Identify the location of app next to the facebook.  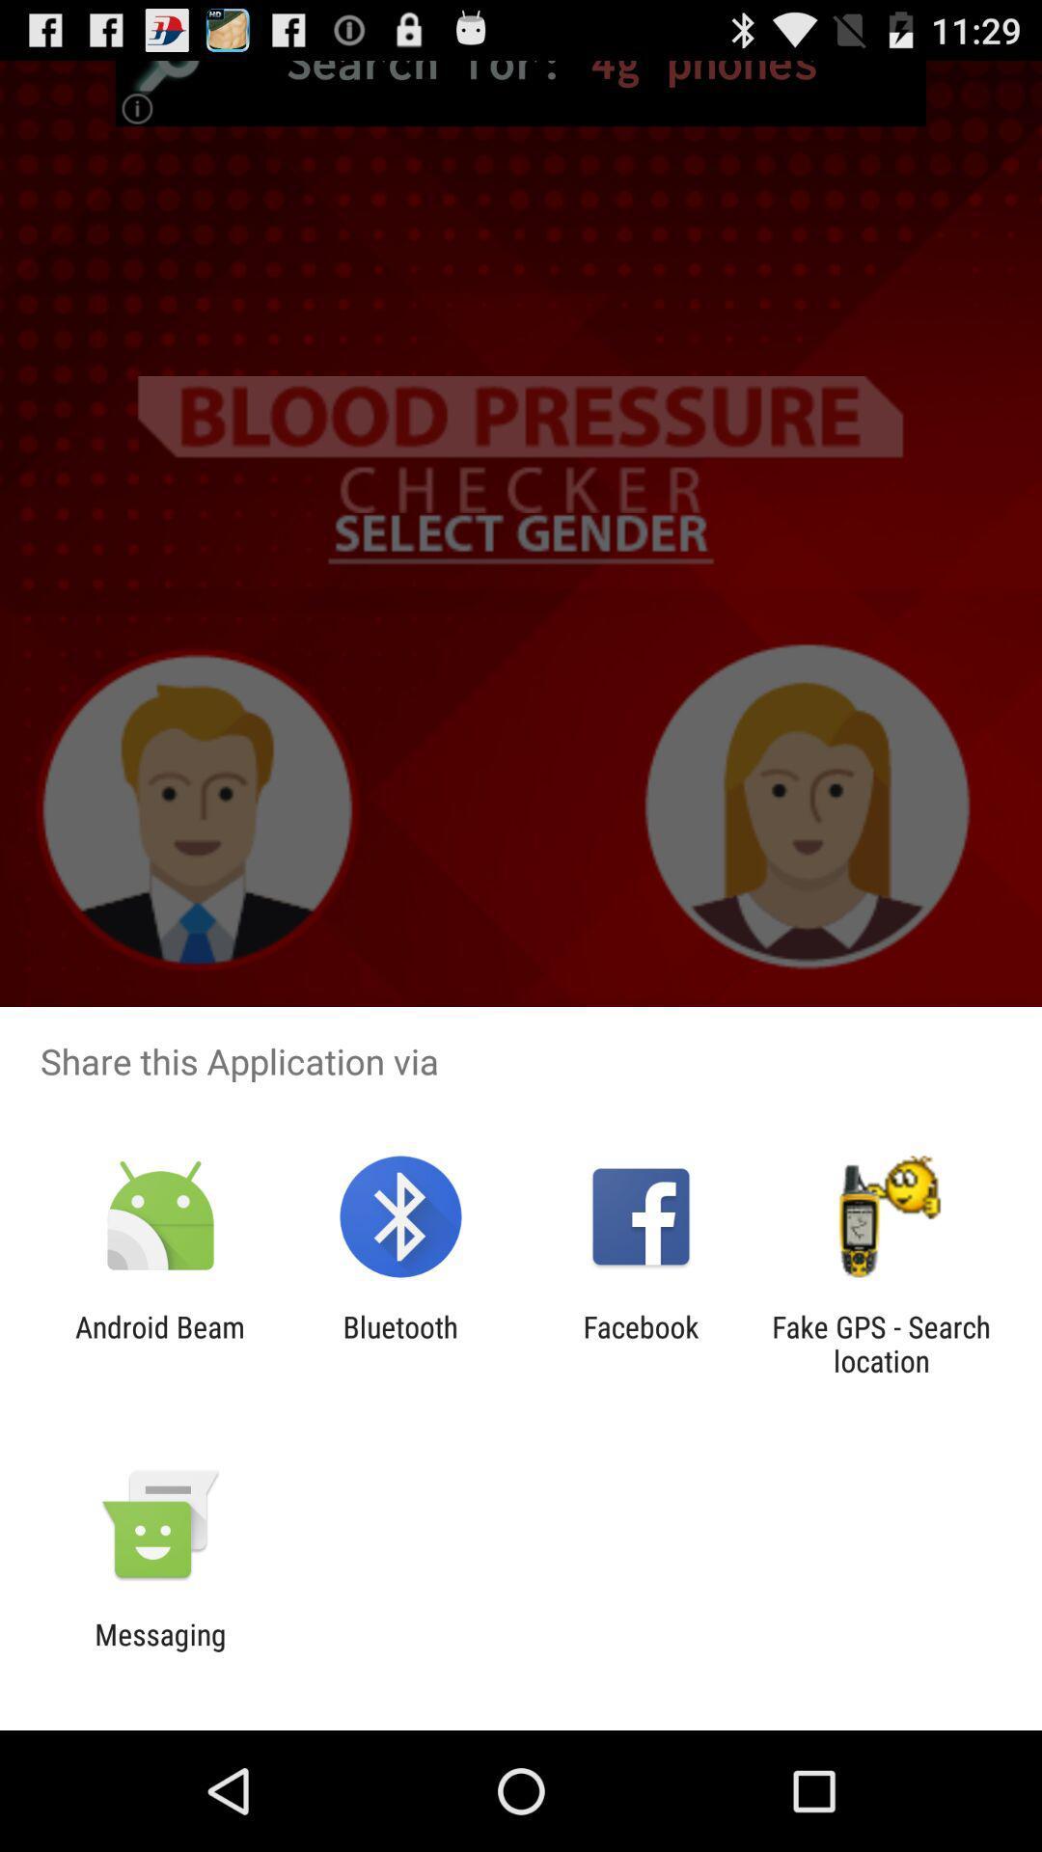
(399, 1343).